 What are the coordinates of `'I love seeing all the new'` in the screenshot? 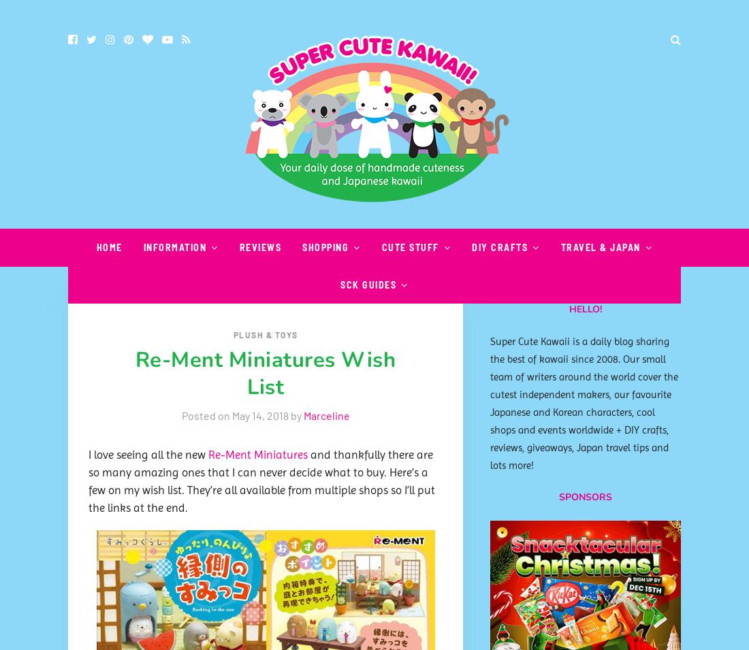 It's located at (148, 453).